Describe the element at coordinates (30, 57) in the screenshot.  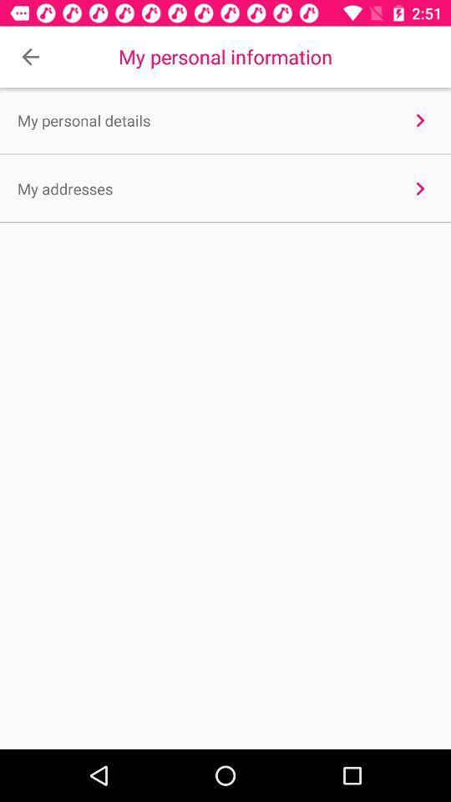
I see `the icon above the my personal details icon` at that location.